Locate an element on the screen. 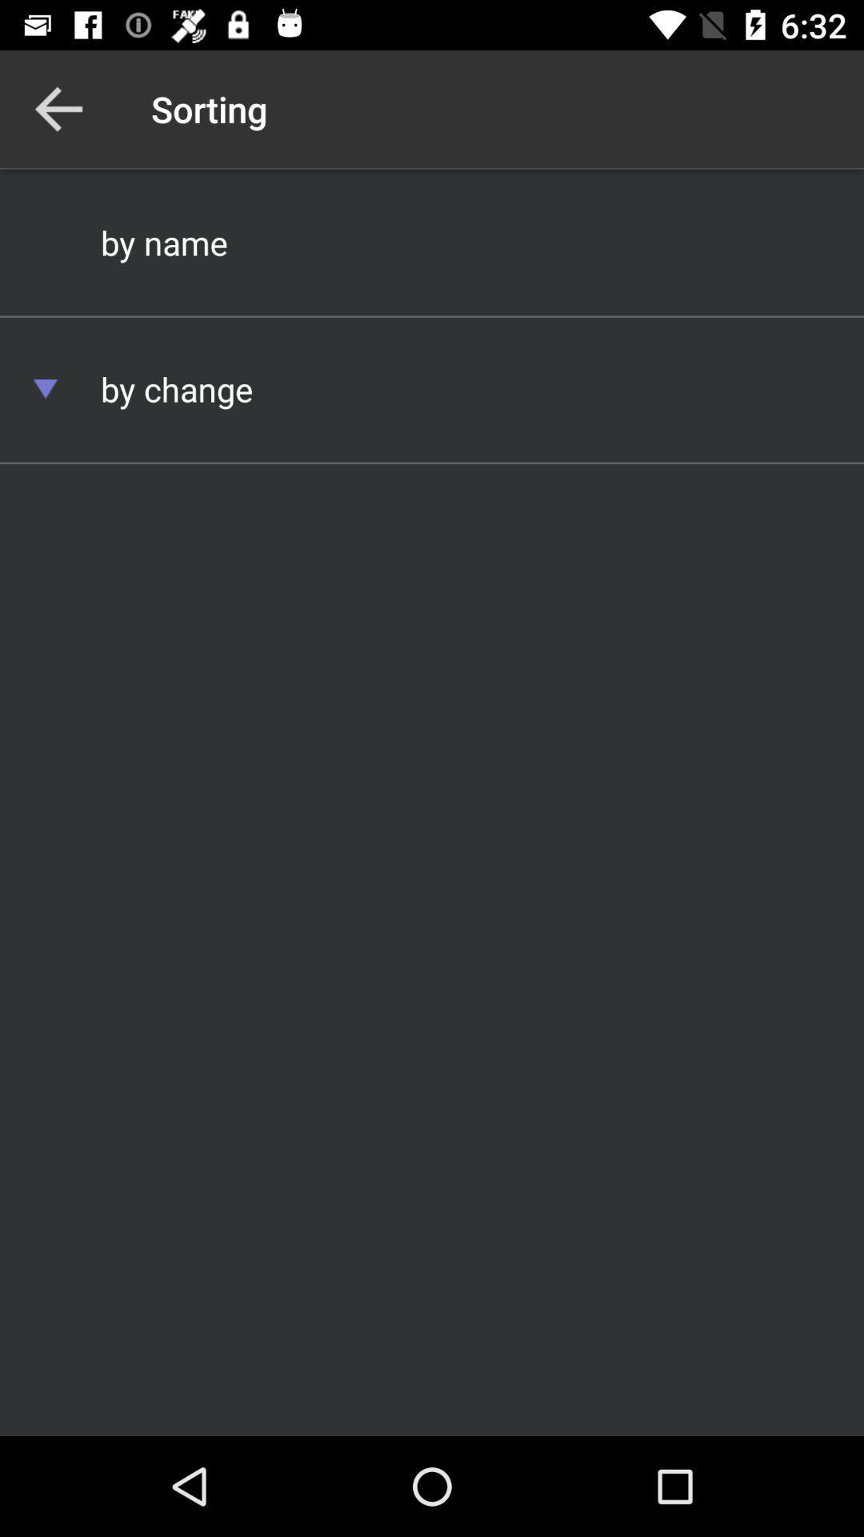  icon above the by change item is located at coordinates (432, 241).